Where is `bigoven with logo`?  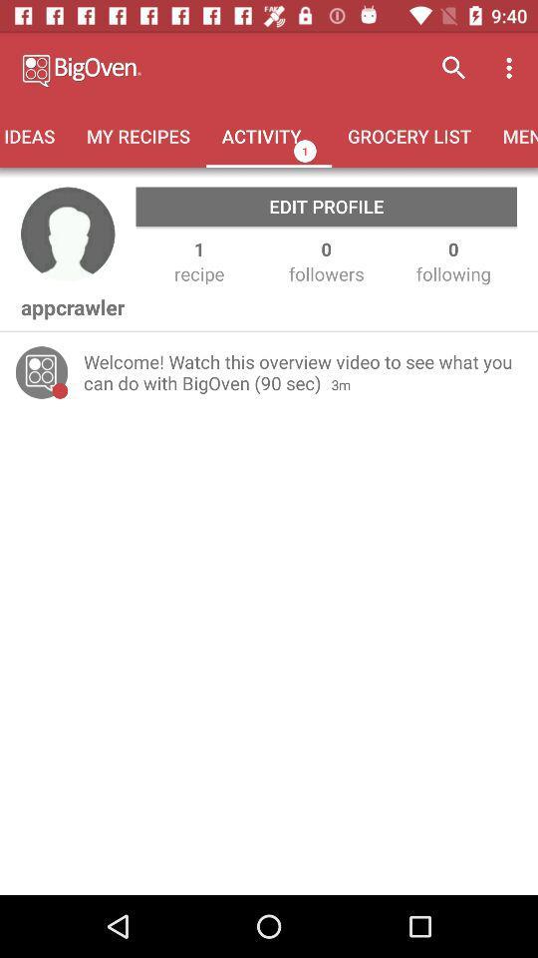 bigoven with logo is located at coordinates (163, 68).